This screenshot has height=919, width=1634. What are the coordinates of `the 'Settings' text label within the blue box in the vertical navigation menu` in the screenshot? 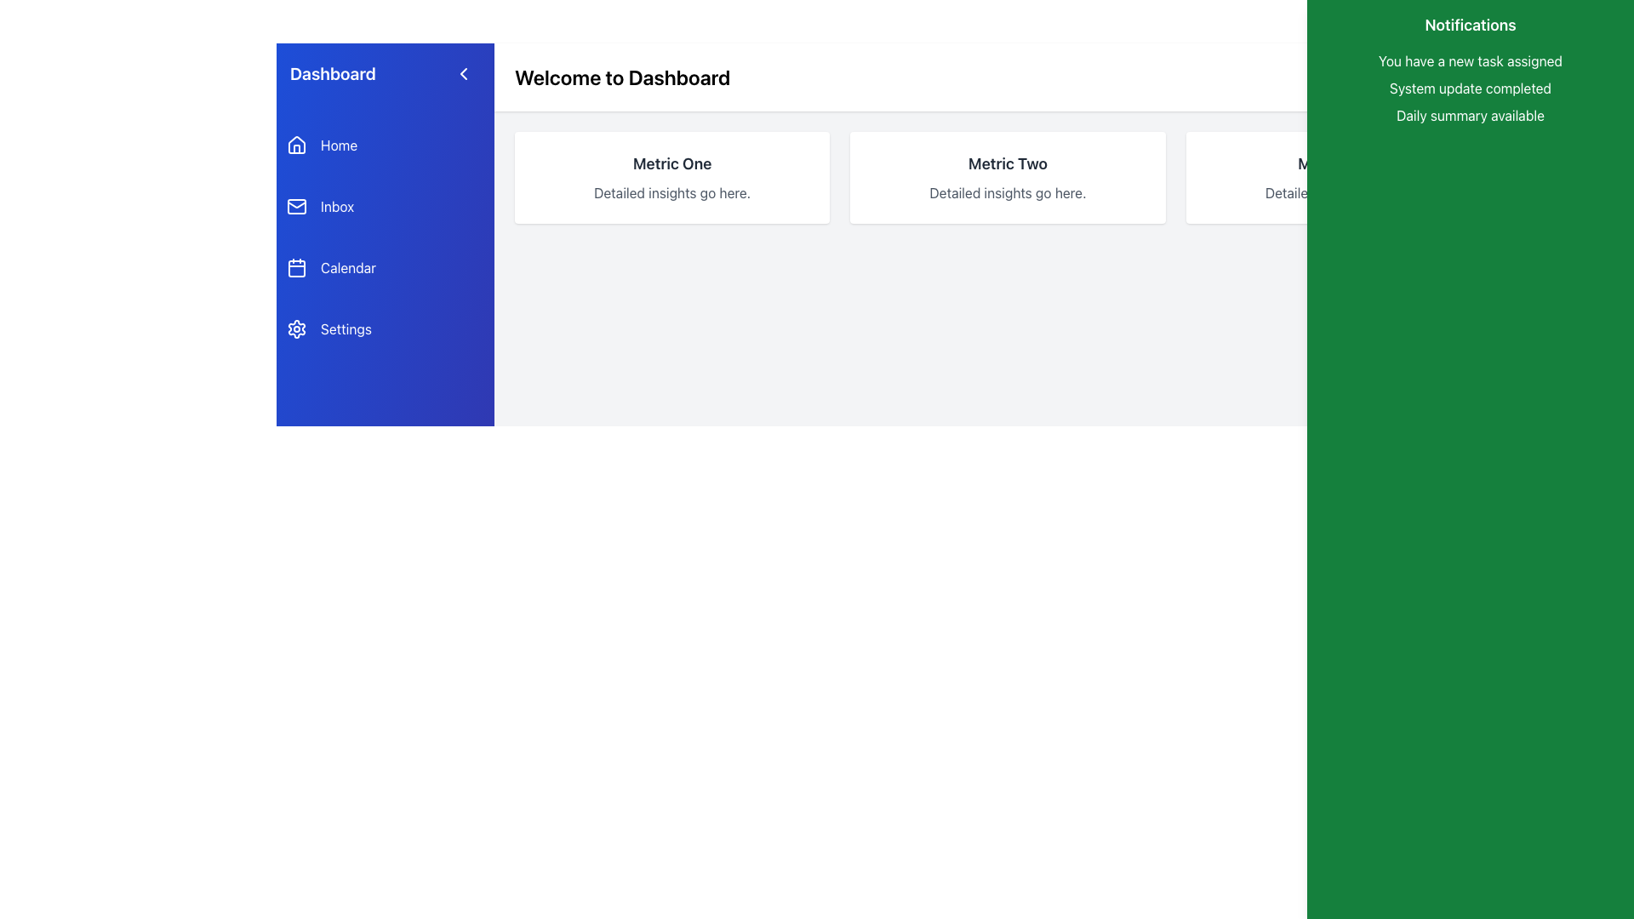 It's located at (345, 328).